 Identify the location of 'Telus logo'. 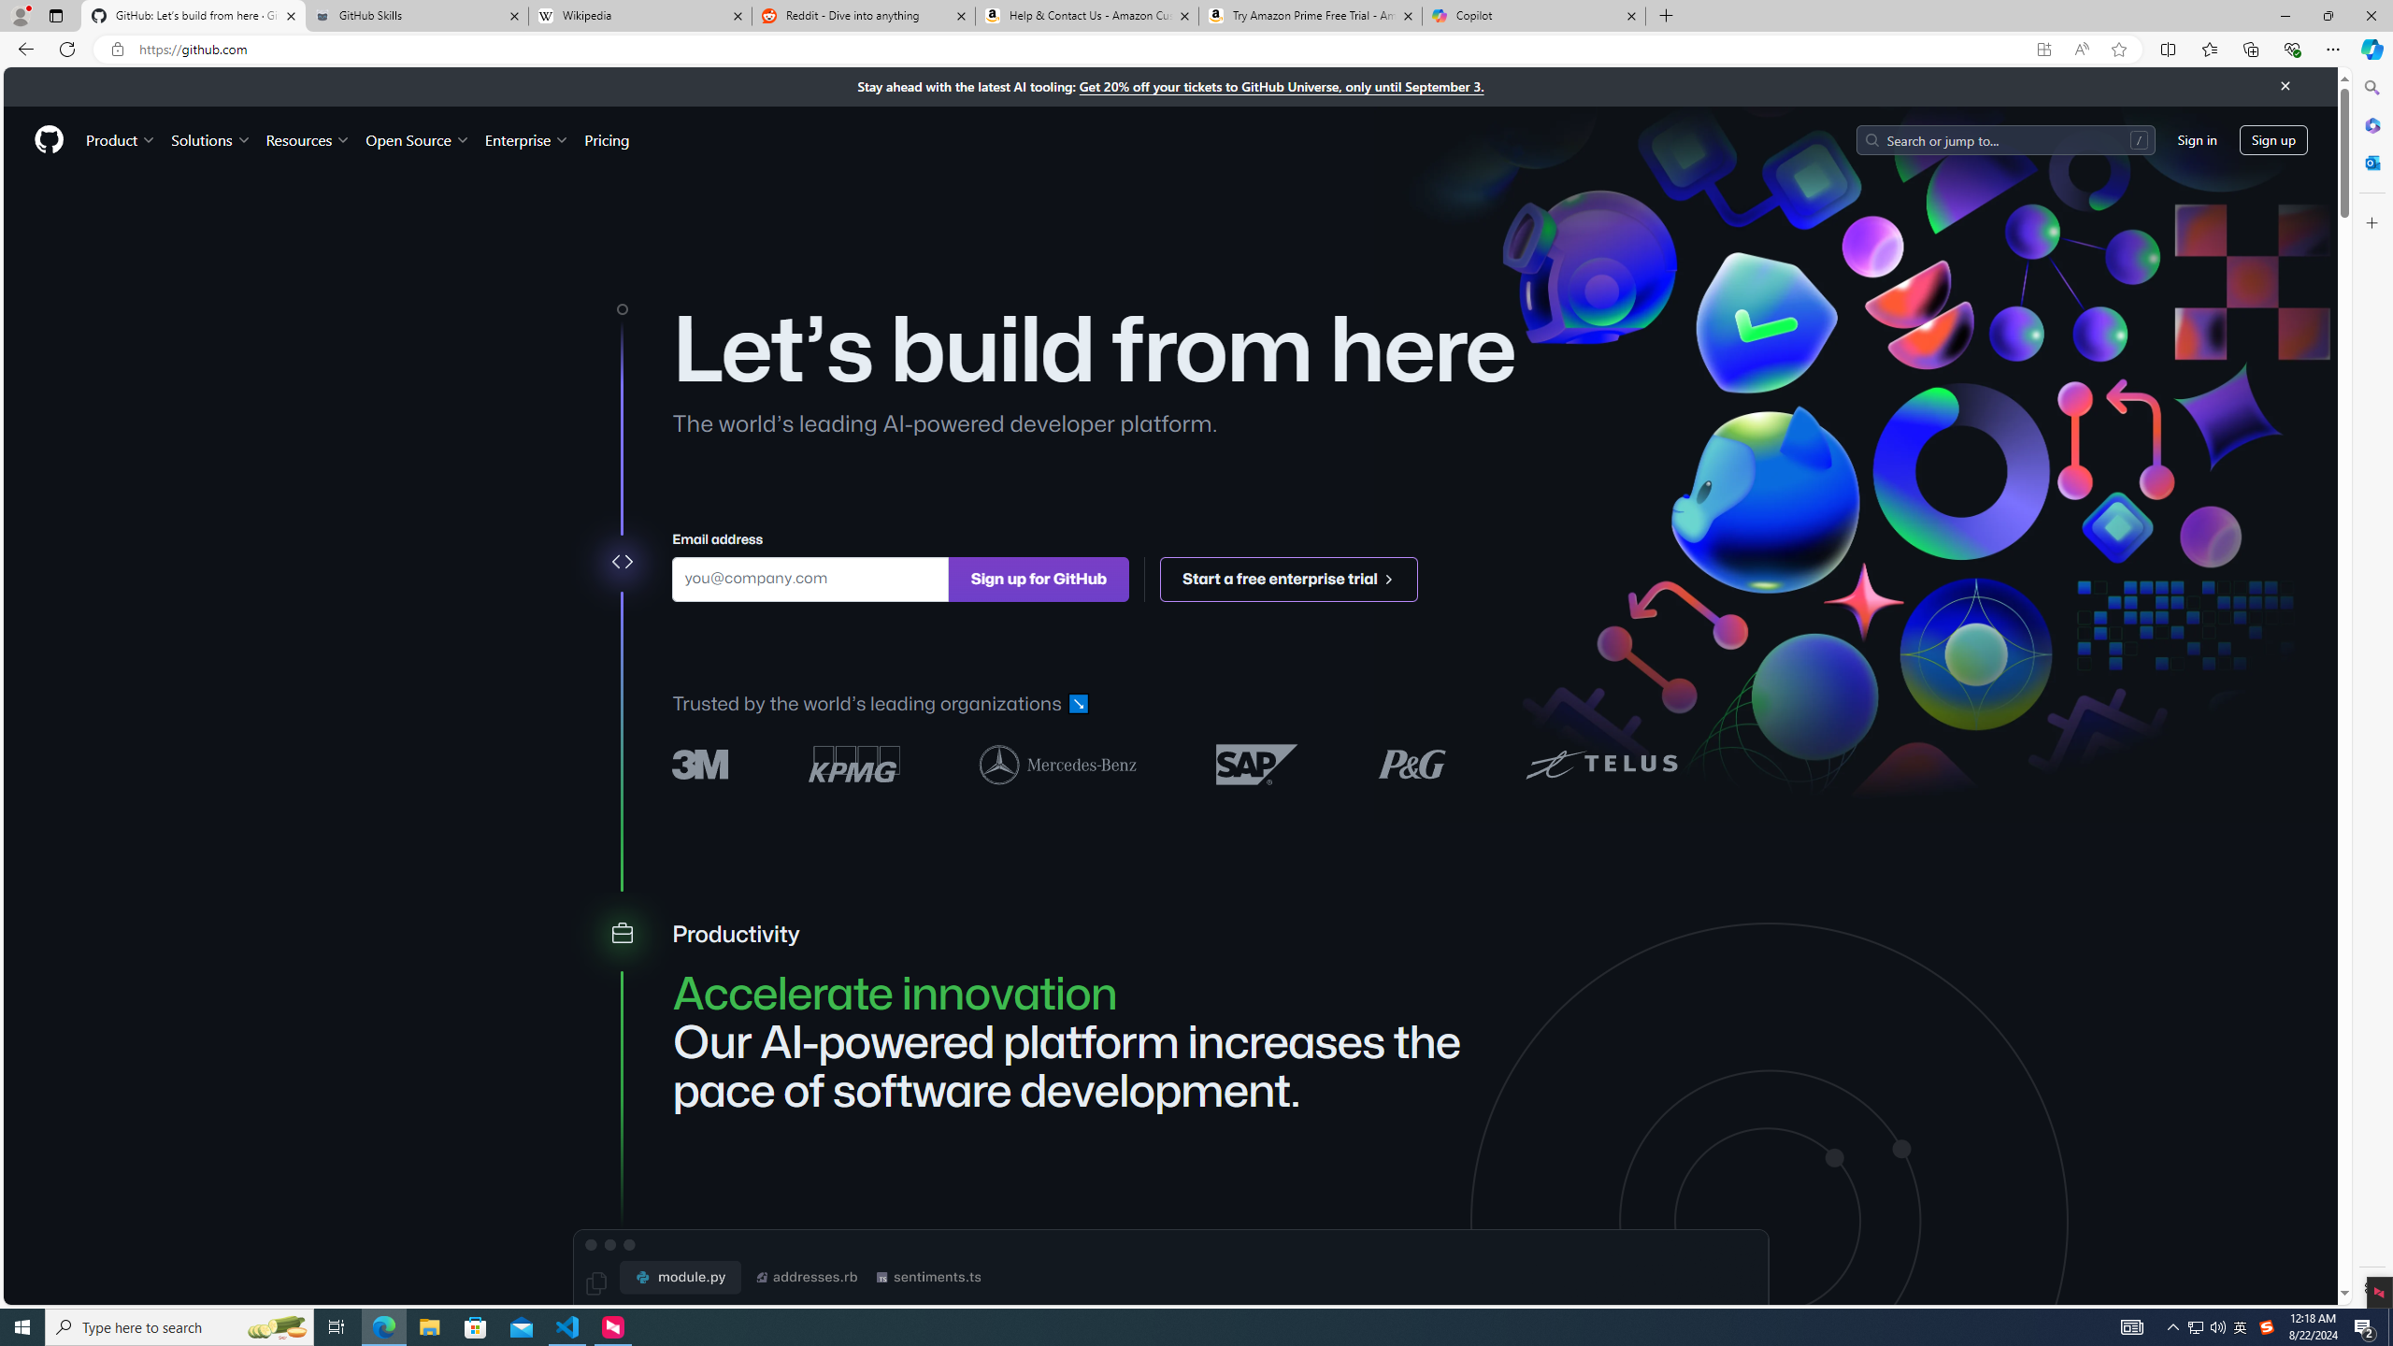
(1600, 763).